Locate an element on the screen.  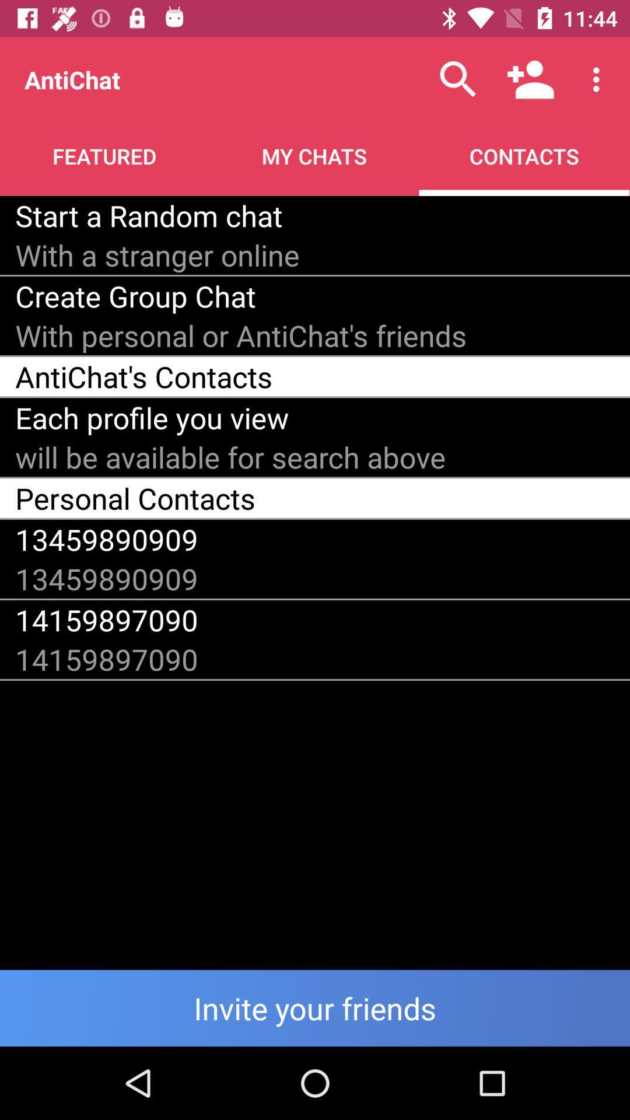
the item above the create group chat is located at coordinates (157, 254).